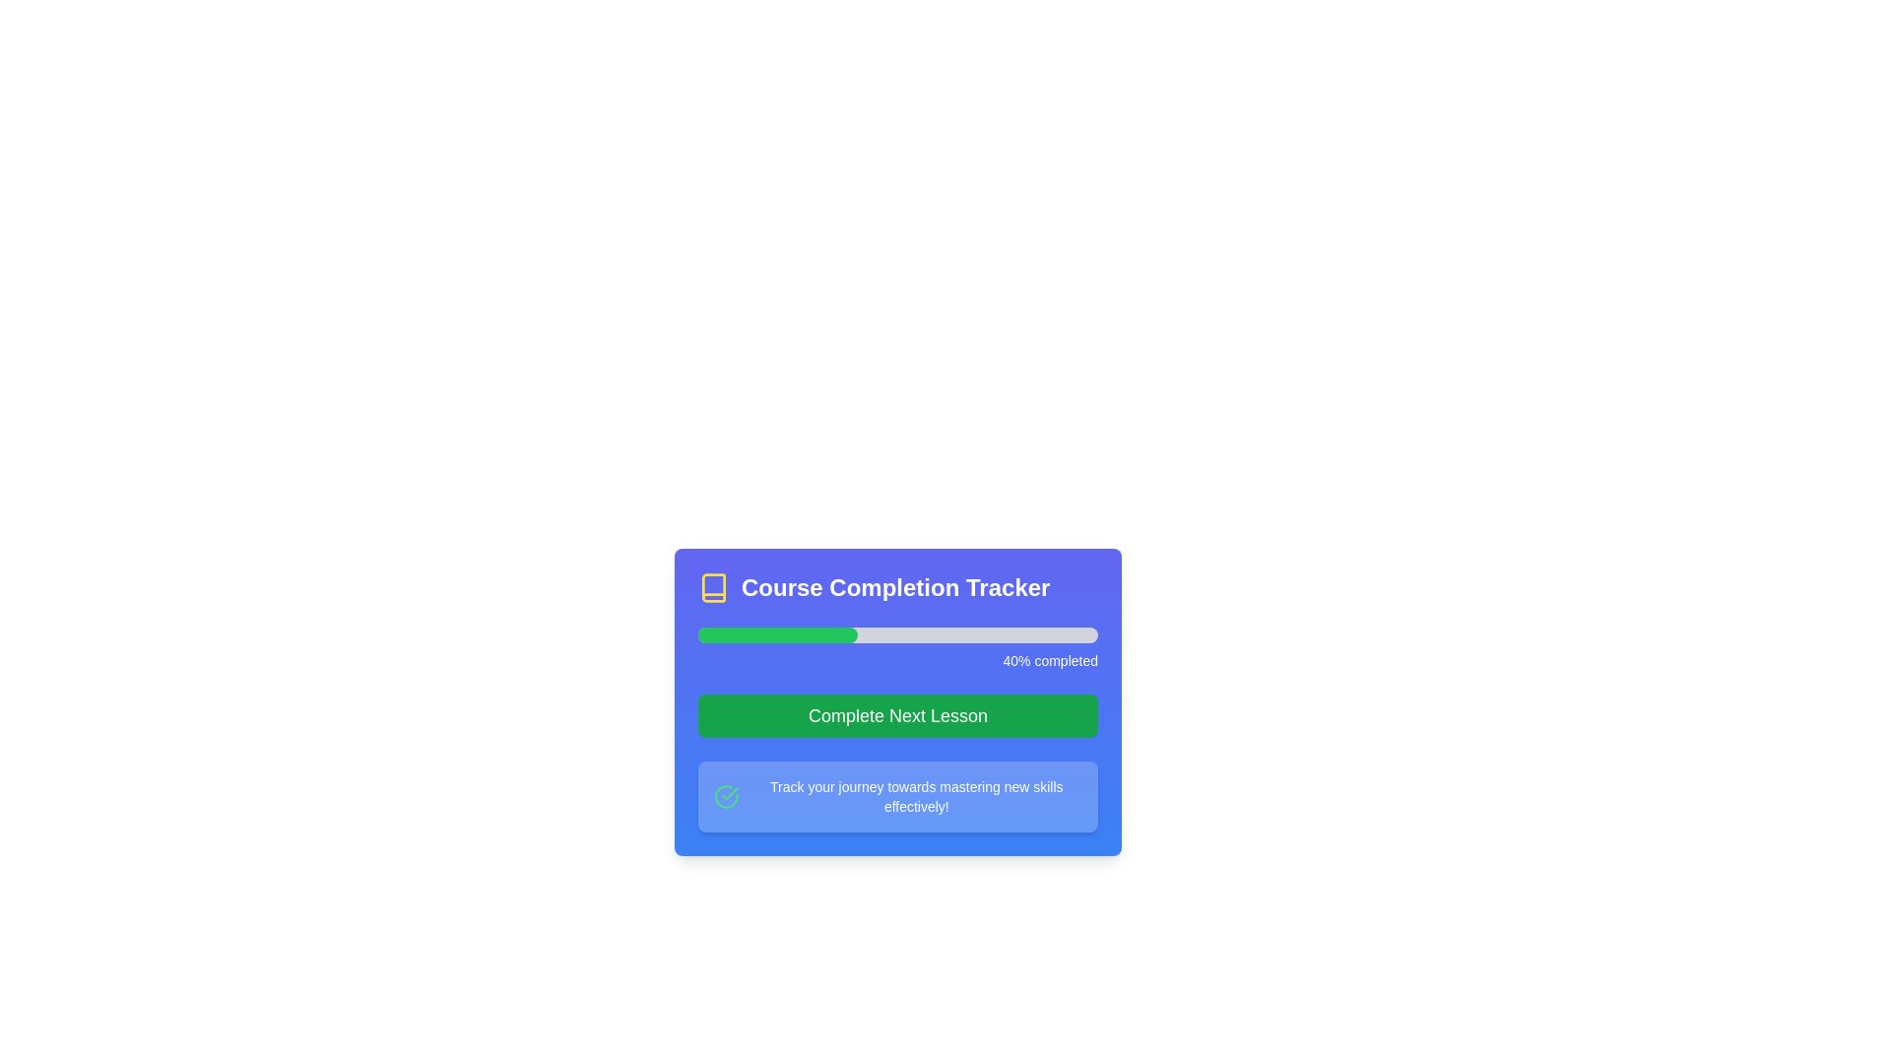 The image size is (1891, 1064). Describe the element at coordinates (725, 796) in the screenshot. I see `the check mark icon element that signifies completion, located adjacent to the phrase 'Track your journey towards mastering new skills effectively!' in the 'Course Completion Tracker' box` at that location.